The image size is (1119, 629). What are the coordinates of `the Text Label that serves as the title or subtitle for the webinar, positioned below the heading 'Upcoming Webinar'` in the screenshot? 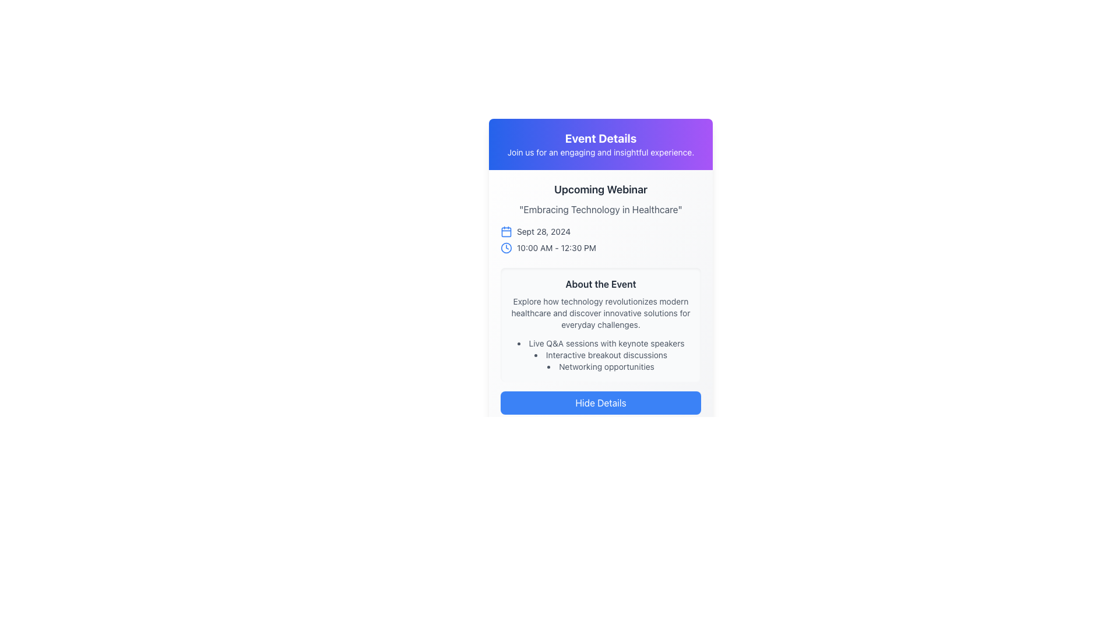 It's located at (601, 209).